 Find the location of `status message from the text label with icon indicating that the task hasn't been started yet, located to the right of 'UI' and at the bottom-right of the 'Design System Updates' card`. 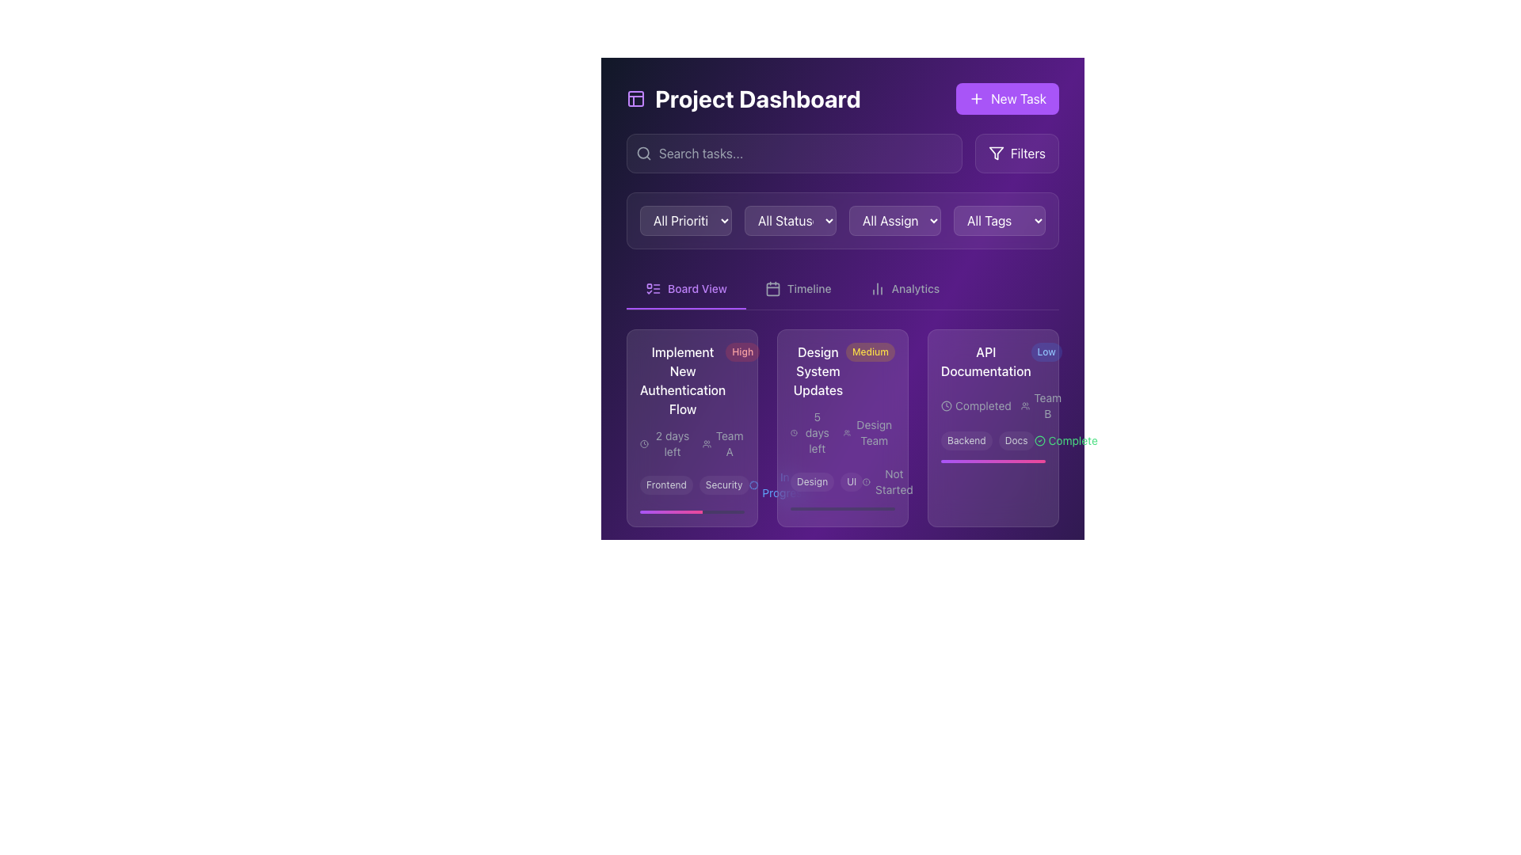

status message from the text label with icon indicating that the task hasn't been started yet, located to the right of 'UI' and at the bottom-right of the 'Design System Updates' card is located at coordinates (889, 481).